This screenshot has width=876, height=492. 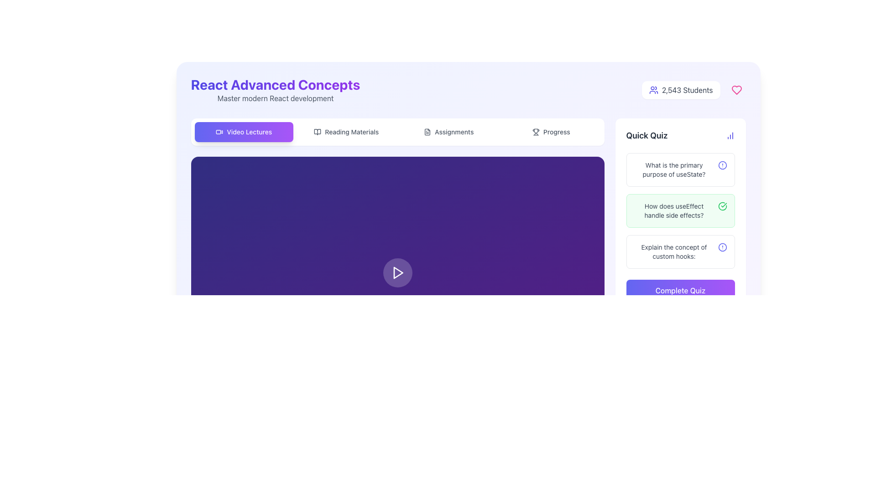 I want to click on the second selectable quiz question card in the 'Quick Quiz' panel, so click(x=680, y=210).